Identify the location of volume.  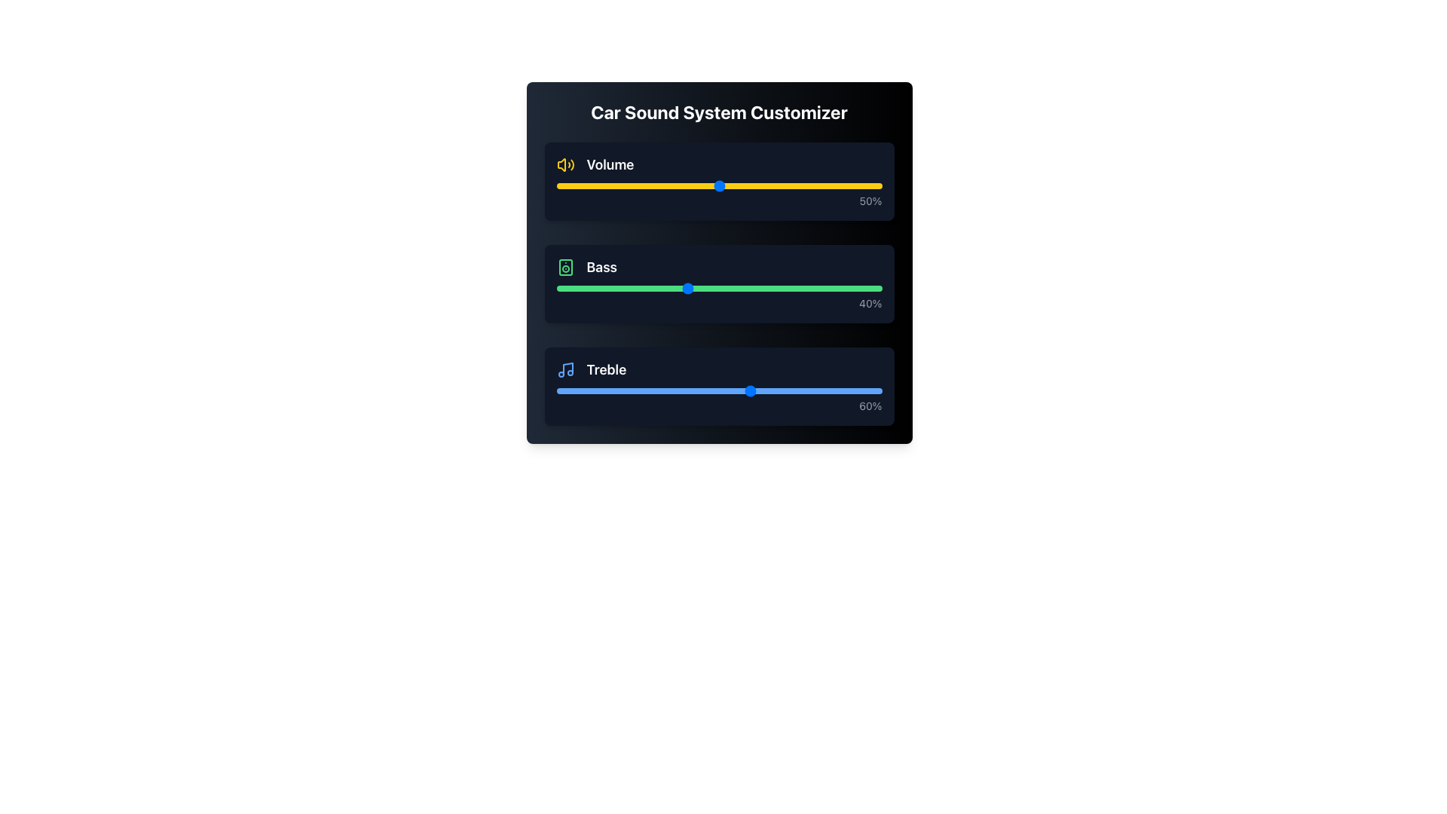
(832, 185).